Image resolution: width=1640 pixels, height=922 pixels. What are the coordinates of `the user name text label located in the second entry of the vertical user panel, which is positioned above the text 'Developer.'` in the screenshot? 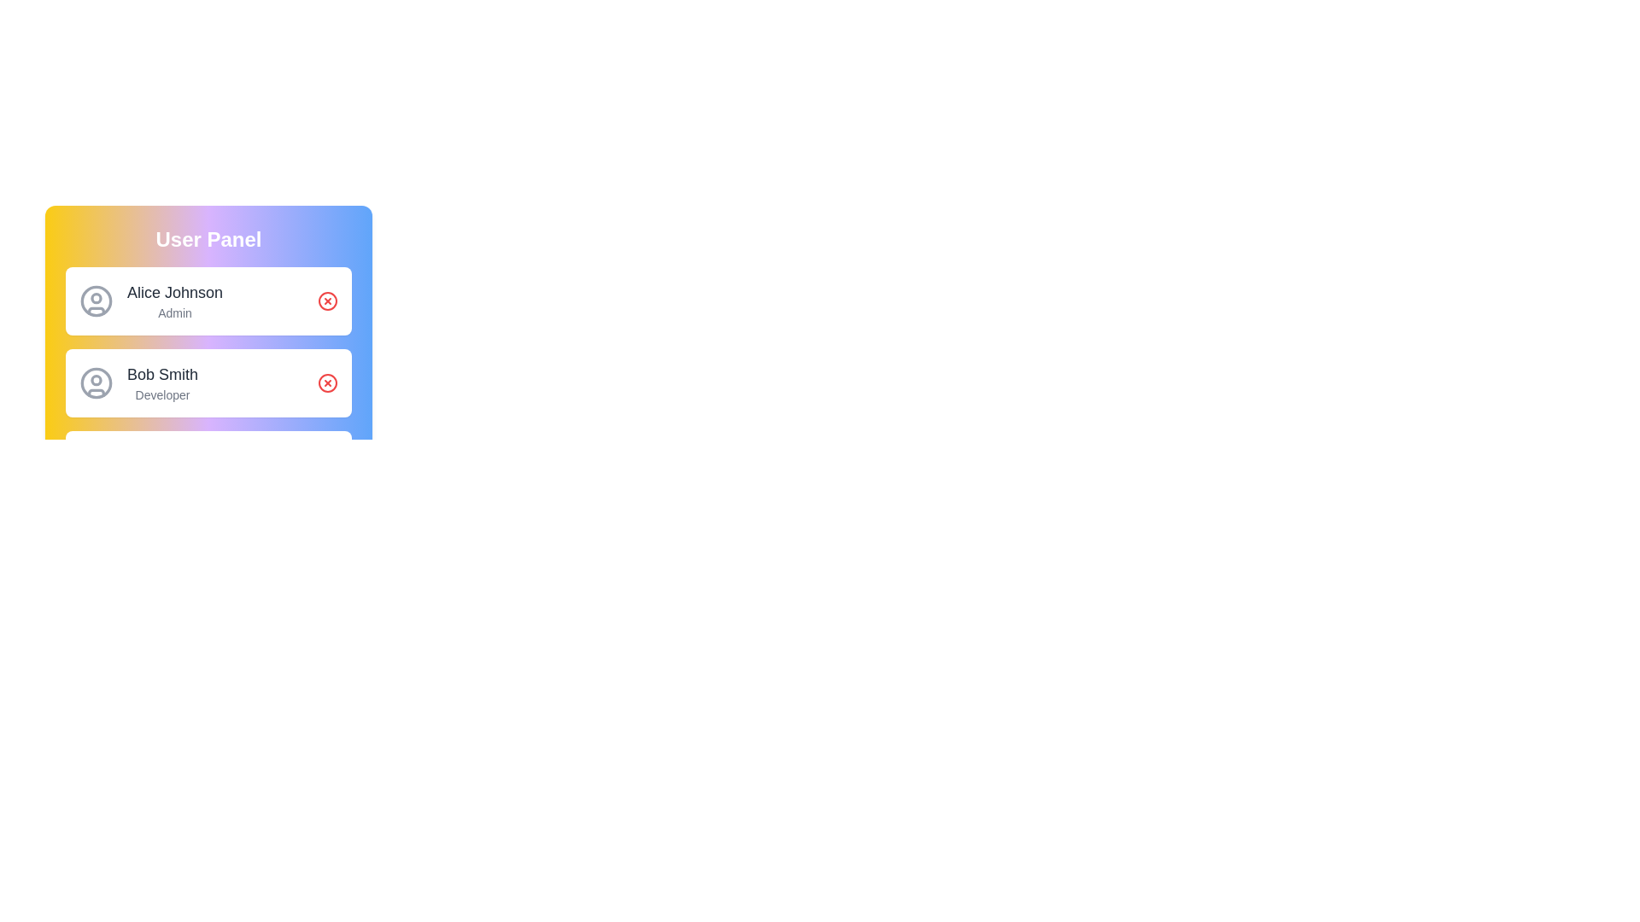 It's located at (162, 374).